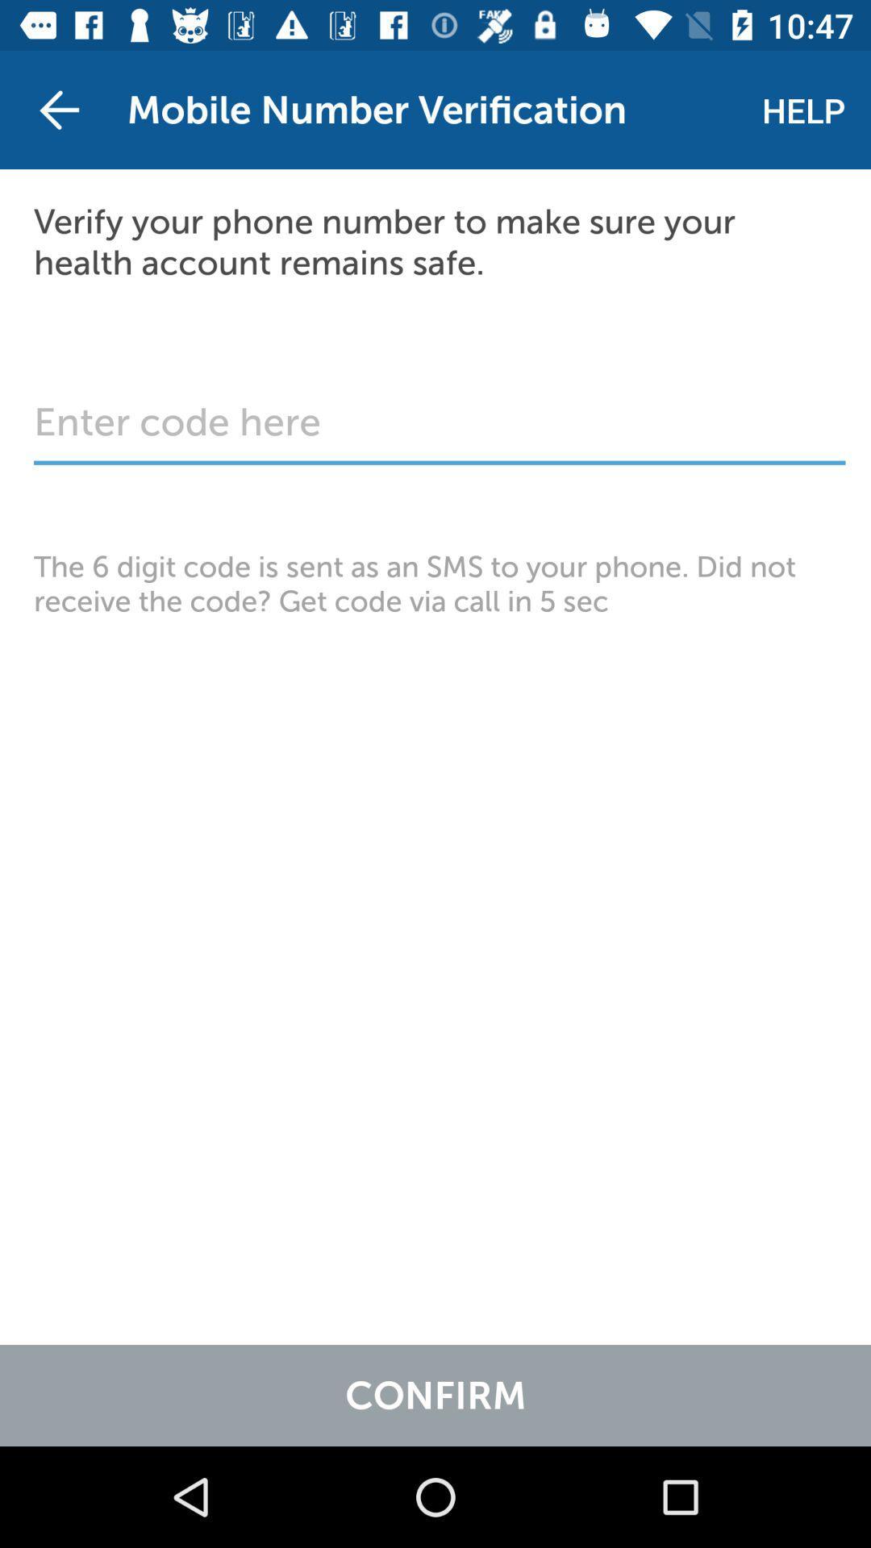 This screenshot has height=1548, width=871. I want to click on the item to the right of mobile number verification app, so click(803, 109).